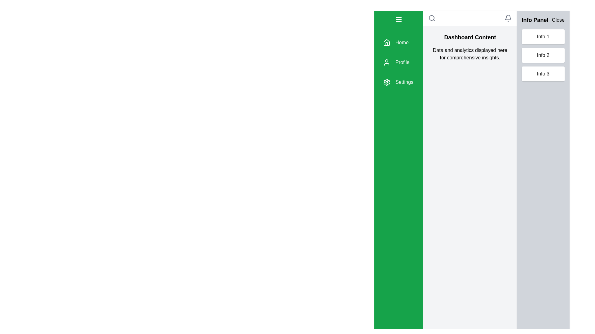  What do you see at coordinates (386, 44) in the screenshot?
I see `the house-shaped icon located in the 'Home' button within the green navigation sidebar on the left side of the interface` at bounding box center [386, 44].